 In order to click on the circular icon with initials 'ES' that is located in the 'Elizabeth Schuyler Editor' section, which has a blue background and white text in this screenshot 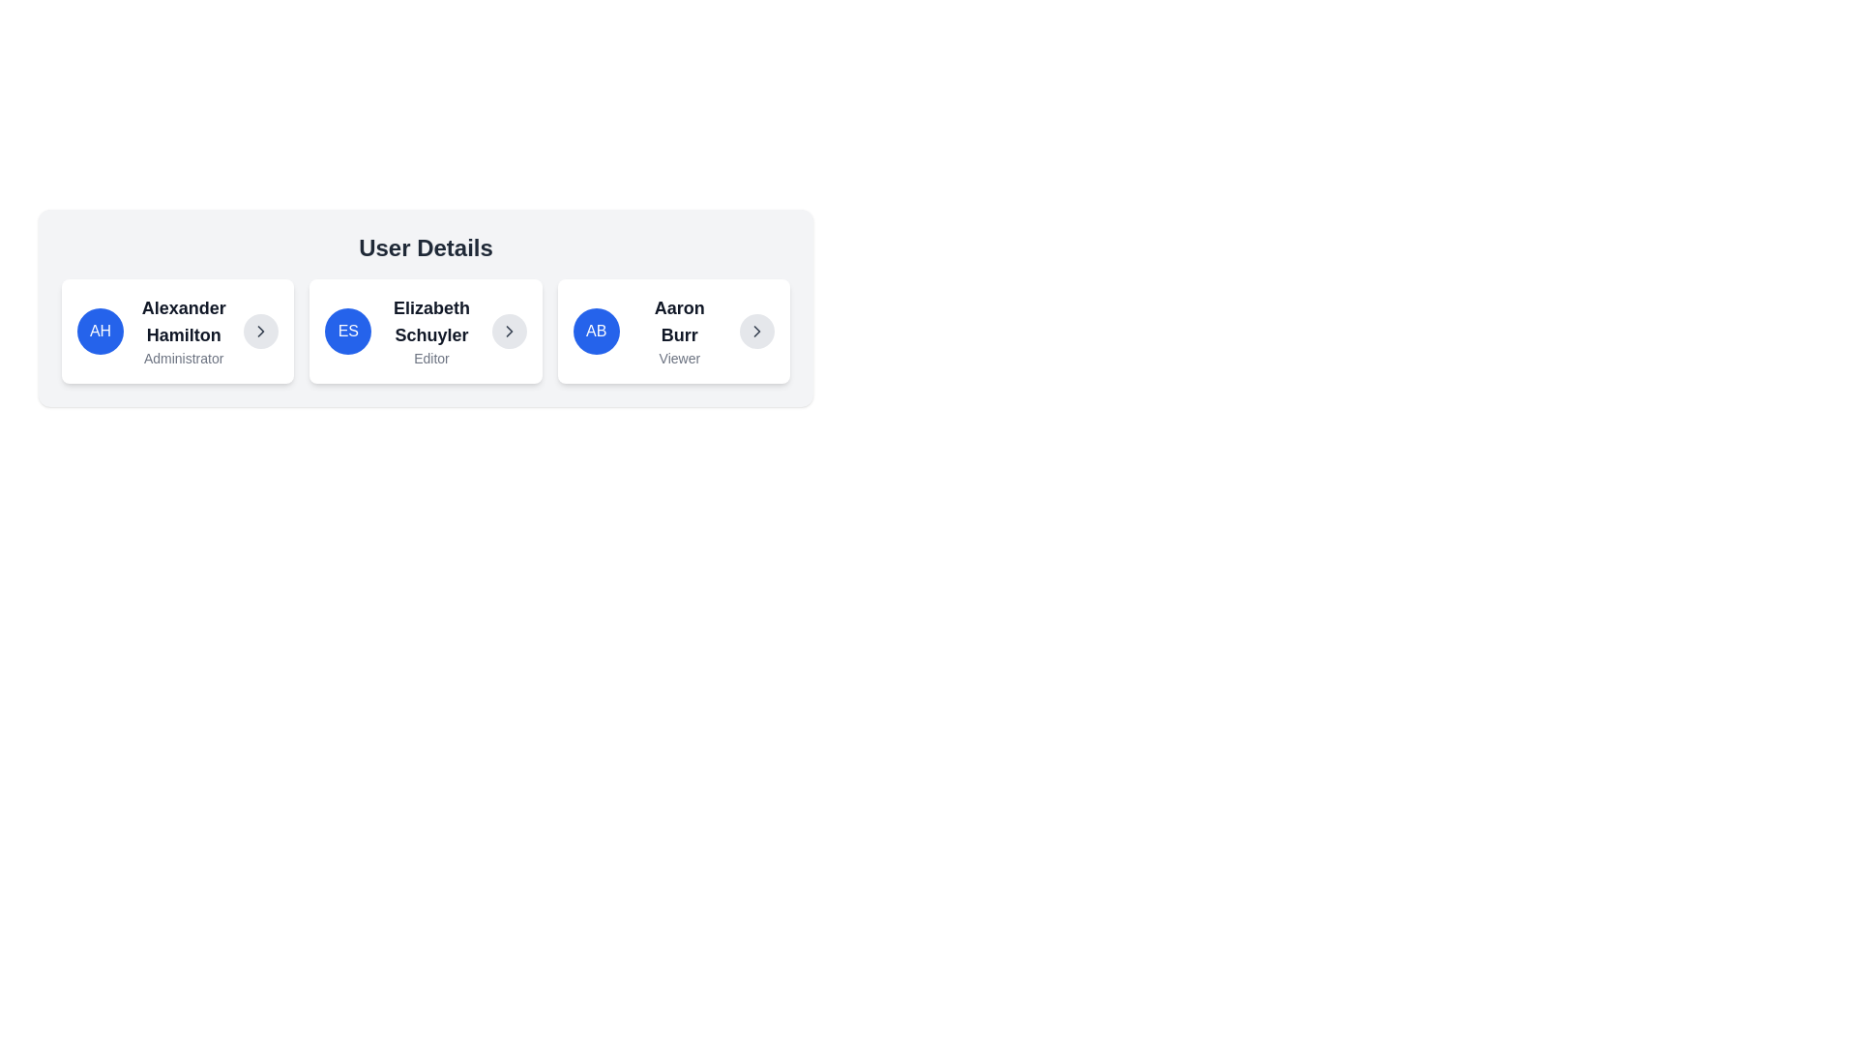, I will do `click(348, 331)`.